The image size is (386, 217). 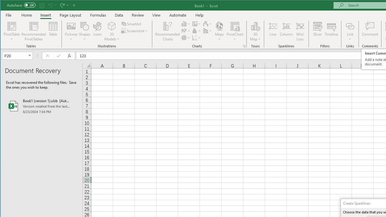 What do you see at coordinates (12, 31) in the screenshot?
I see `'PivotTable'` at bounding box center [12, 31].